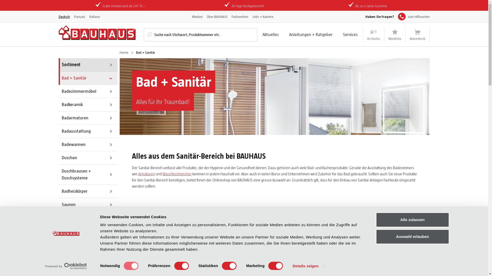 The image size is (492, 276). What do you see at coordinates (270, 34) in the screenshot?
I see `'Aktuelles'` at bounding box center [270, 34].